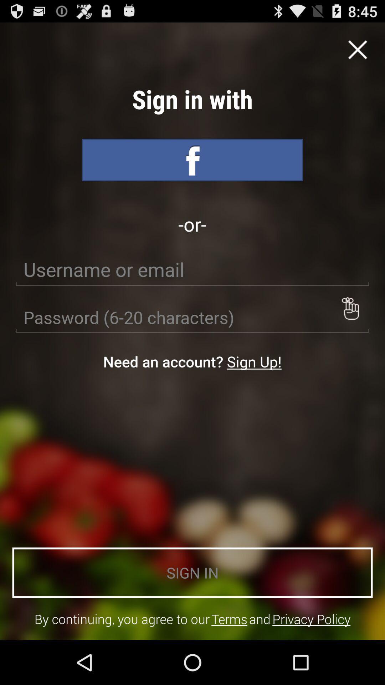  What do you see at coordinates (229, 619) in the screenshot?
I see `item to the left of the and item` at bounding box center [229, 619].